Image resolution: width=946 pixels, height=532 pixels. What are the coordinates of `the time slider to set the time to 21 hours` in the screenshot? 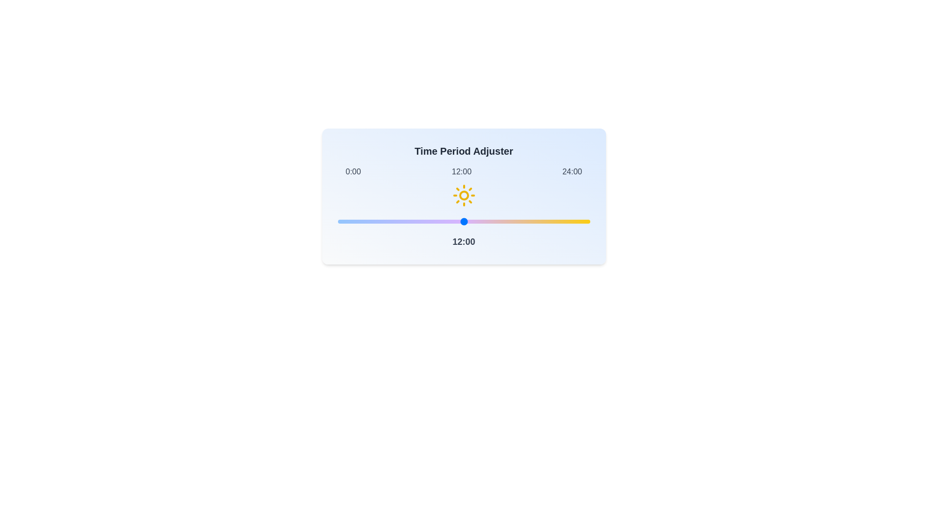 It's located at (558, 222).